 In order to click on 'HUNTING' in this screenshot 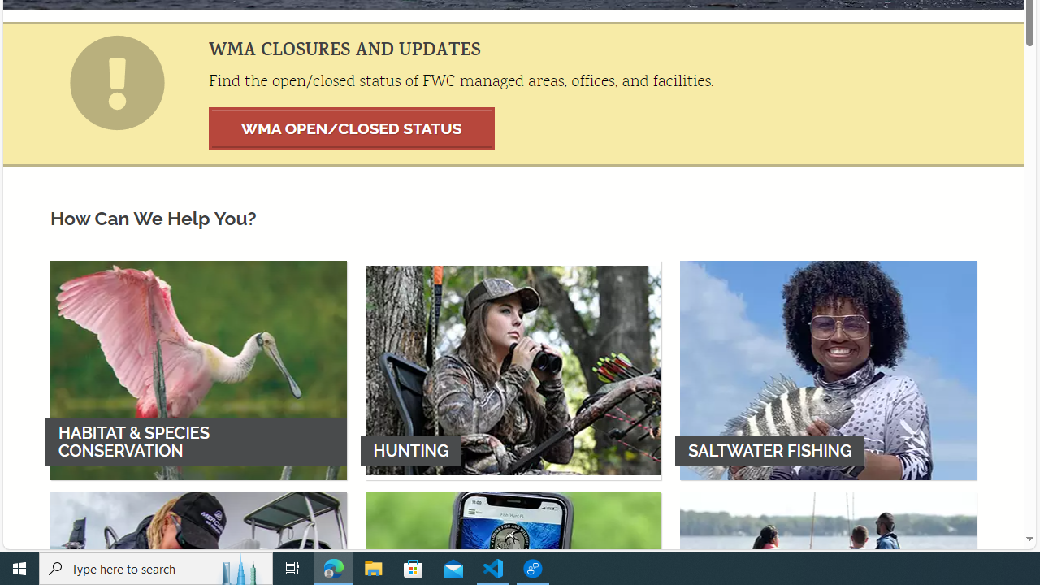, I will do `click(513, 370)`.